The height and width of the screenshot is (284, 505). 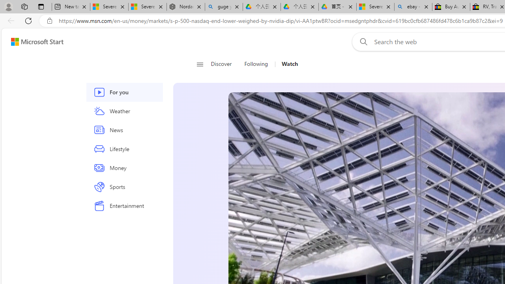 I want to click on 'Web search', so click(x=361, y=41).